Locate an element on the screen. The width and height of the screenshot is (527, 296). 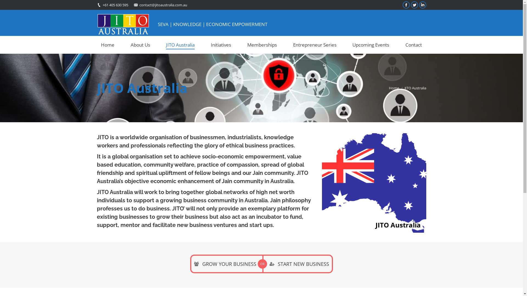
'Entrepreneur Series' is located at coordinates (315, 44).